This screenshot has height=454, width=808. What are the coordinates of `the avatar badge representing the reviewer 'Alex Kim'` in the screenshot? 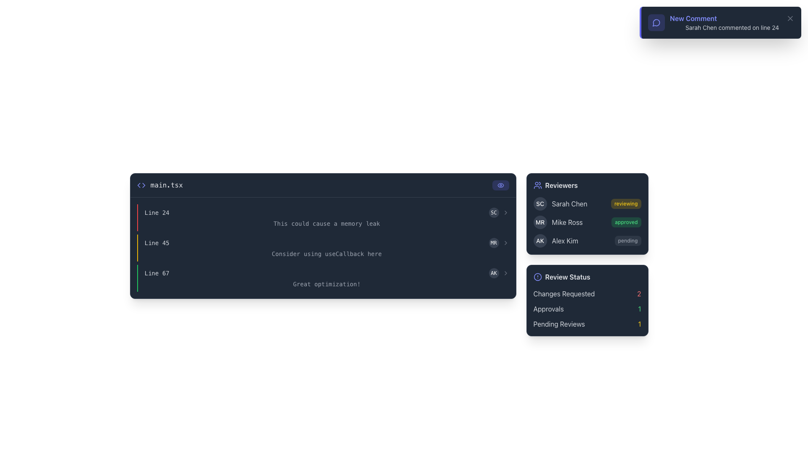 It's located at (540, 241).